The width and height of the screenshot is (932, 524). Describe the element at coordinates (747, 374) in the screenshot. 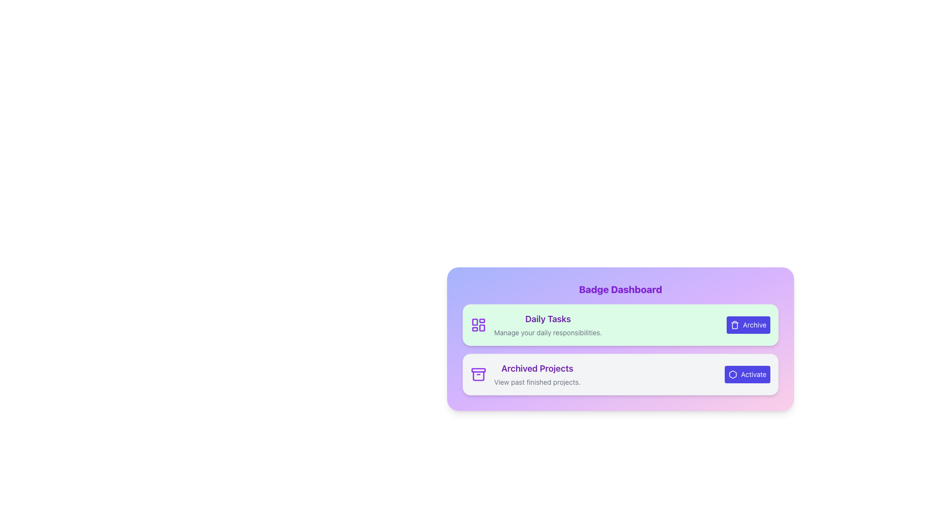

I see `the button located in the bottom-right corner of the 'Archived Projects' card` at that location.